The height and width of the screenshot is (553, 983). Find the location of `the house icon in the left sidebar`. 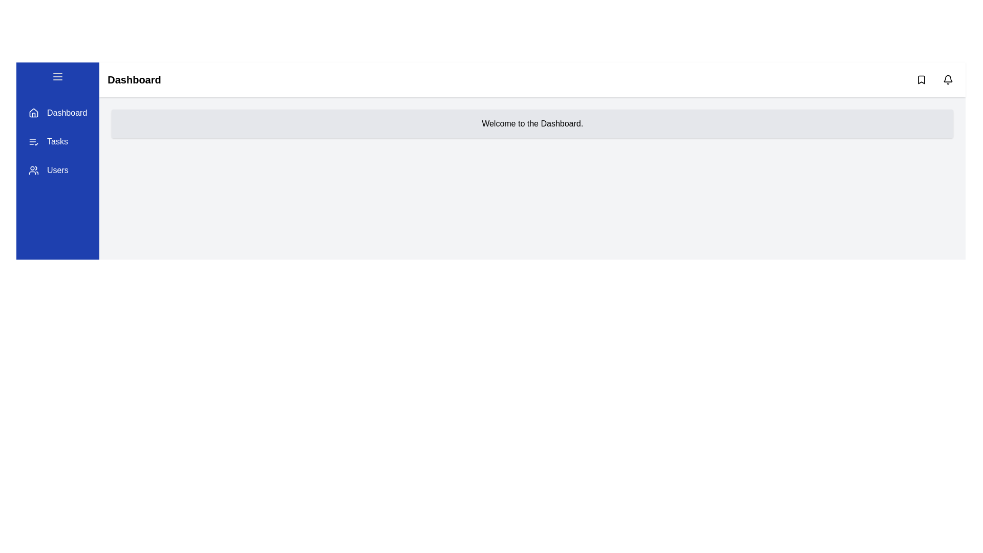

the house icon in the left sidebar is located at coordinates (34, 113).